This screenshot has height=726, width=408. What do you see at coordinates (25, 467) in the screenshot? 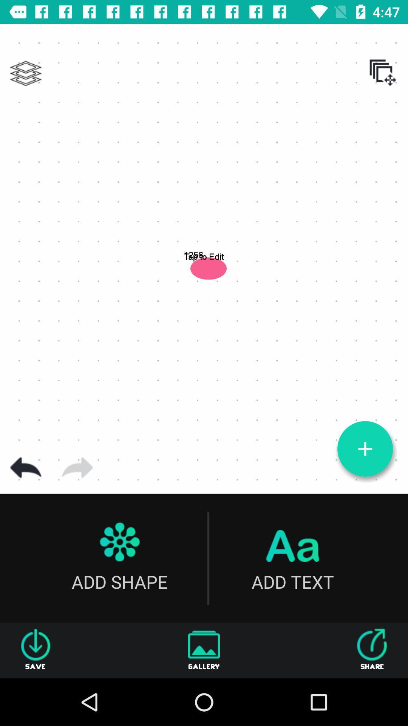
I see `undo` at bounding box center [25, 467].